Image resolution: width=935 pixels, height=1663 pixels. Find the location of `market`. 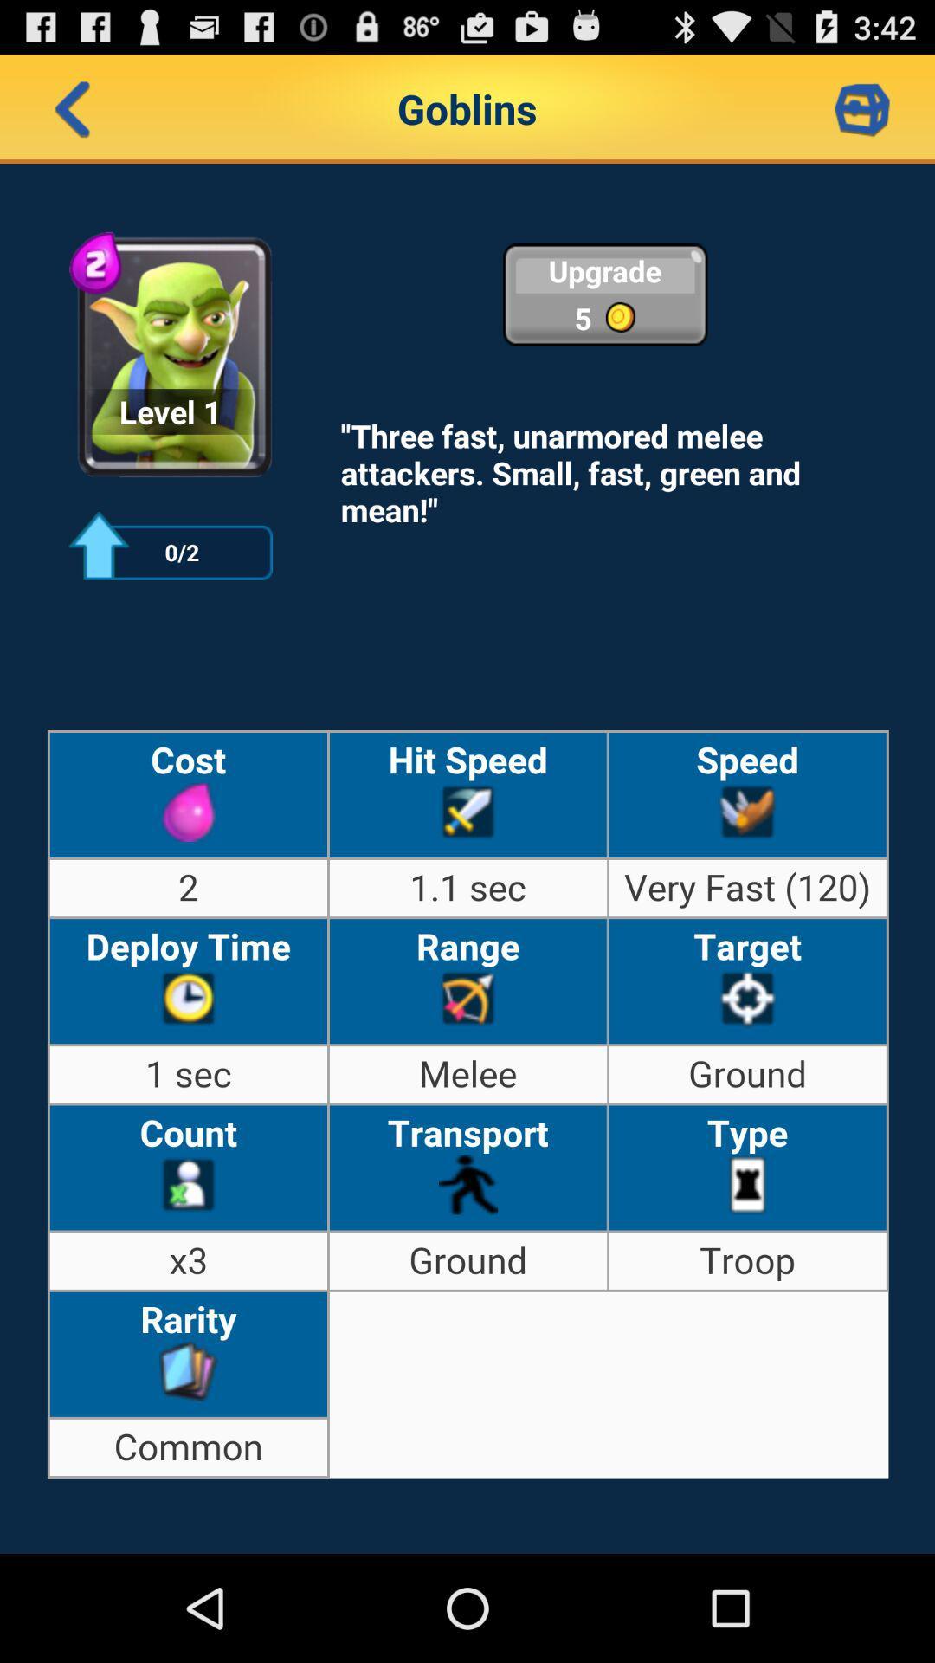

market is located at coordinates (861, 107).